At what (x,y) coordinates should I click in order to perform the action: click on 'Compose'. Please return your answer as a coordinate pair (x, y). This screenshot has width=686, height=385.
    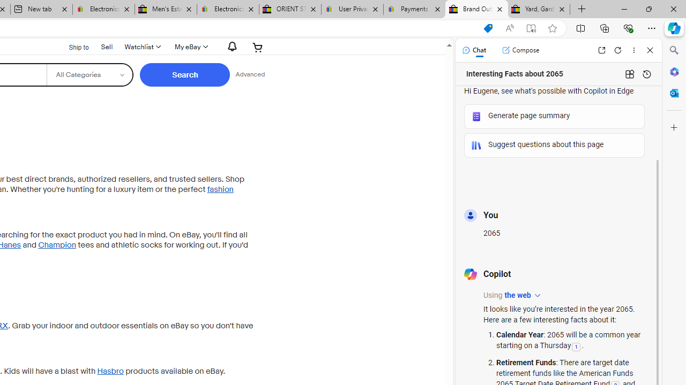
    Looking at the image, I should click on (520, 50).